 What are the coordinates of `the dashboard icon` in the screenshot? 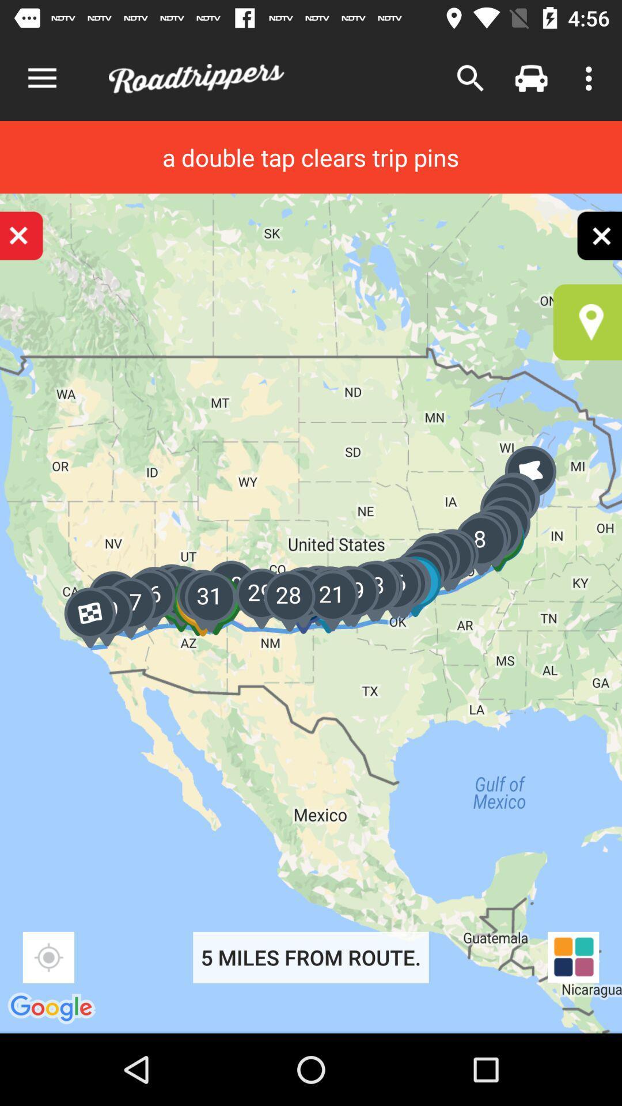 It's located at (573, 957).